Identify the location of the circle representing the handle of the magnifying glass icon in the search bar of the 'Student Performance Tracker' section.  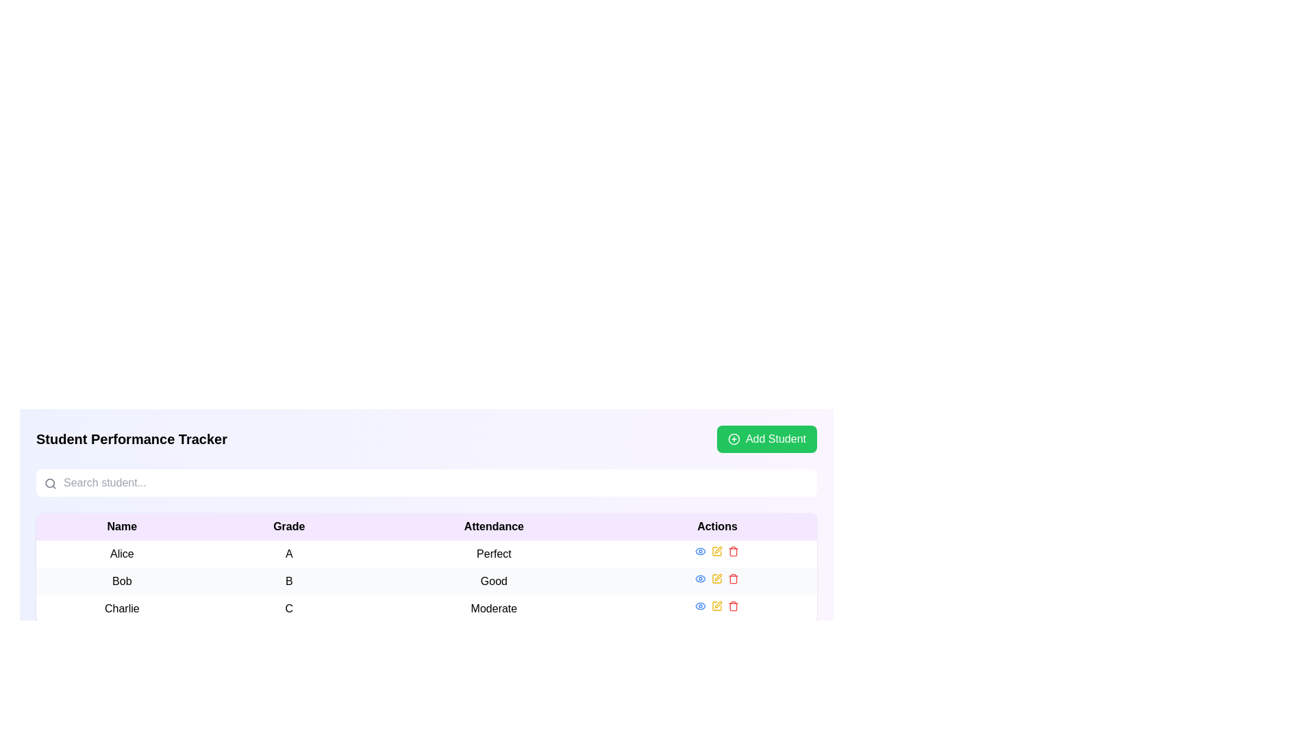
(50, 482).